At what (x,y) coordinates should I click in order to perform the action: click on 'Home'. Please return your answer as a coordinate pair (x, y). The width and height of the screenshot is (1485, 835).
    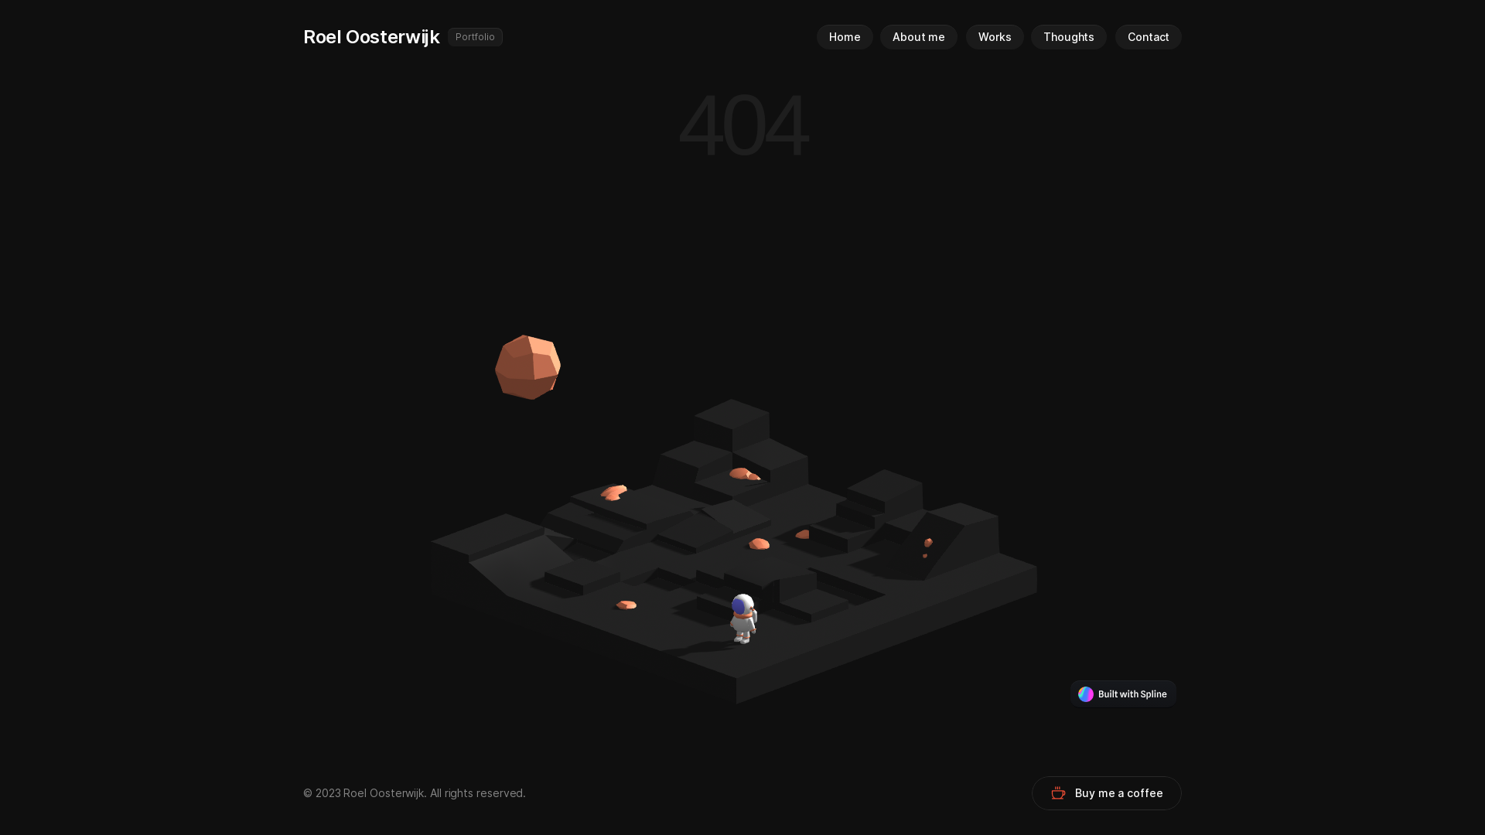
    Looking at the image, I should click on (816, 36).